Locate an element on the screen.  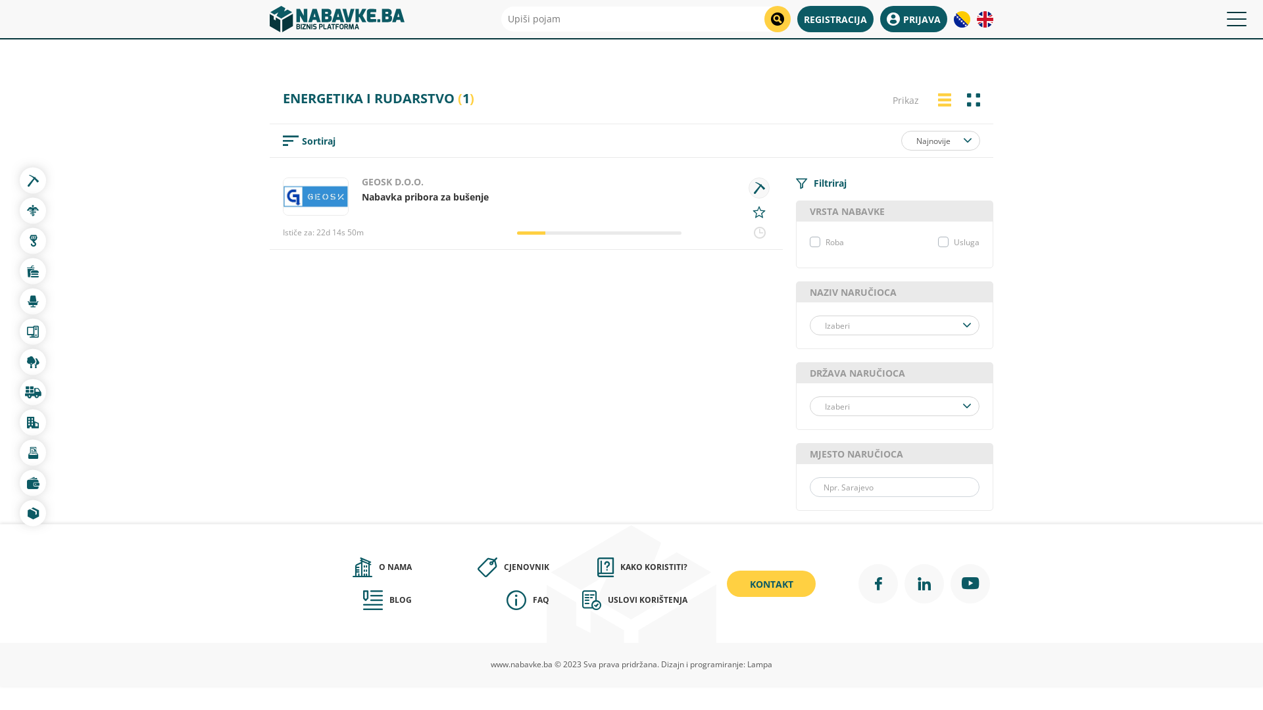
'PRIJAVA' is located at coordinates (912, 19).